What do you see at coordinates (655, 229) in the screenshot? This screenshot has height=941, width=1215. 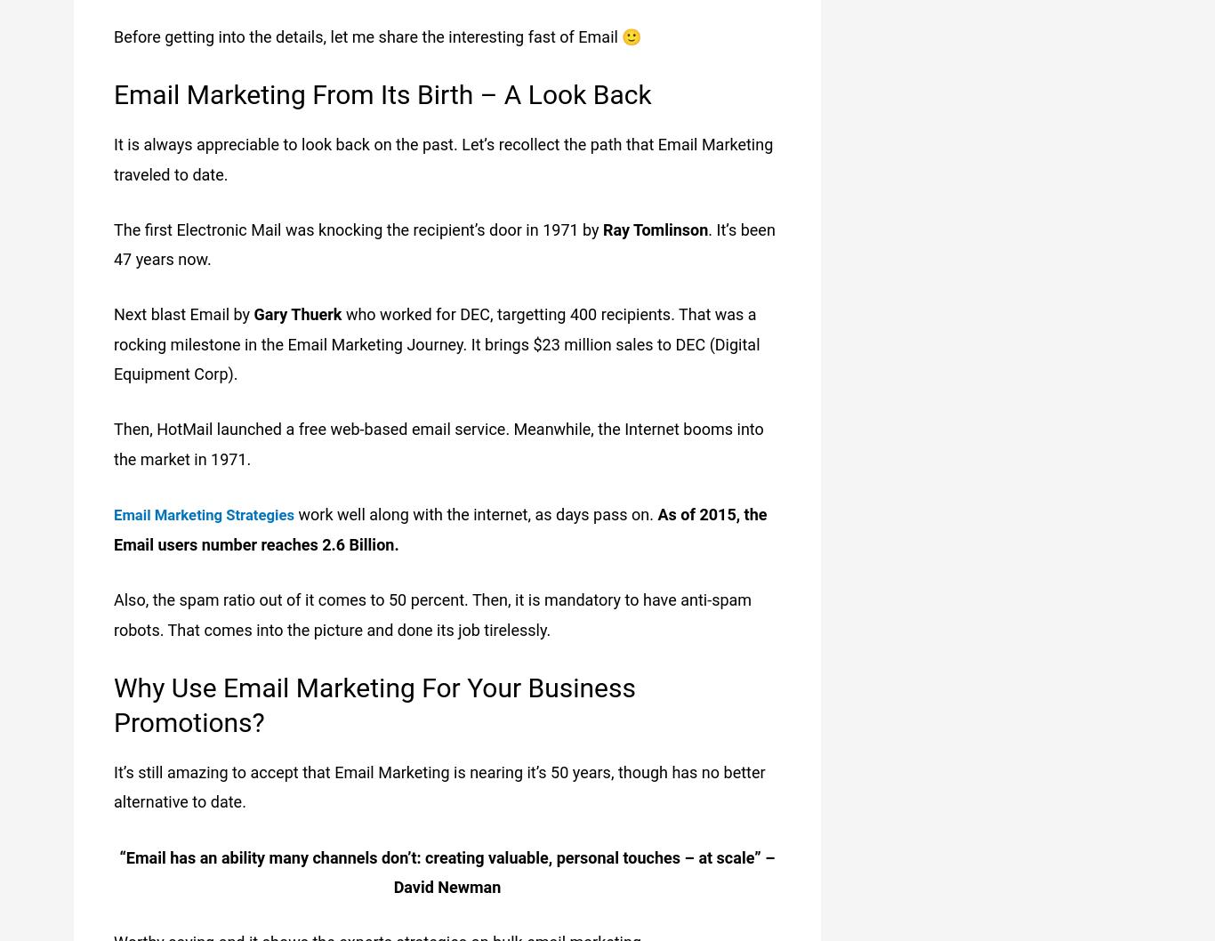 I see `'Ray Tomlinson'` at bounding box center [655, 229].